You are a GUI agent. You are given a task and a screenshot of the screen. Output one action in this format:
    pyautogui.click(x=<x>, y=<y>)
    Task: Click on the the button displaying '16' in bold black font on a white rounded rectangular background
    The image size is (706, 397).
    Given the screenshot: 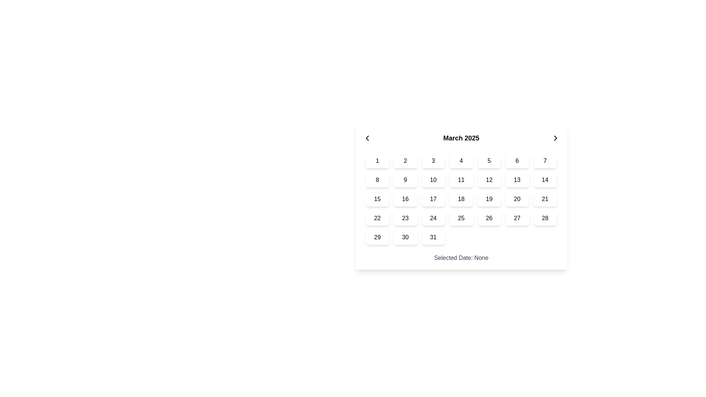 What is the action you would take?
    pyautogui.click(x=405, y=199)
    